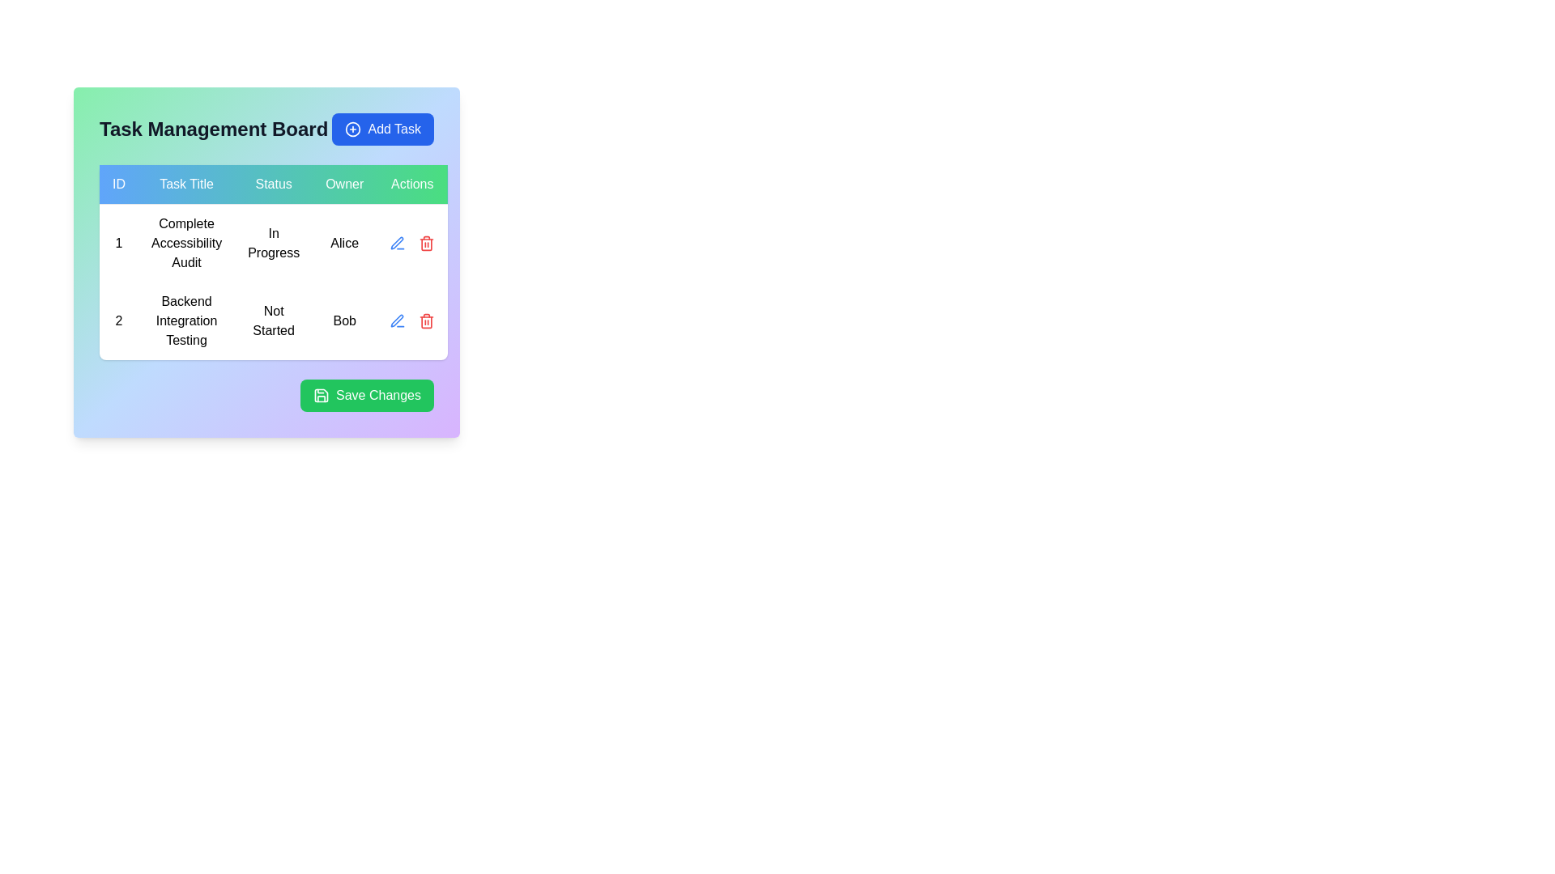  What do you see at coordinates (274, 184) in the screenshot?
I see `the 'Status' header text, which is the third column header in a table, rendered in white text within a green rectangular cell` at bounding box center [274, 184].